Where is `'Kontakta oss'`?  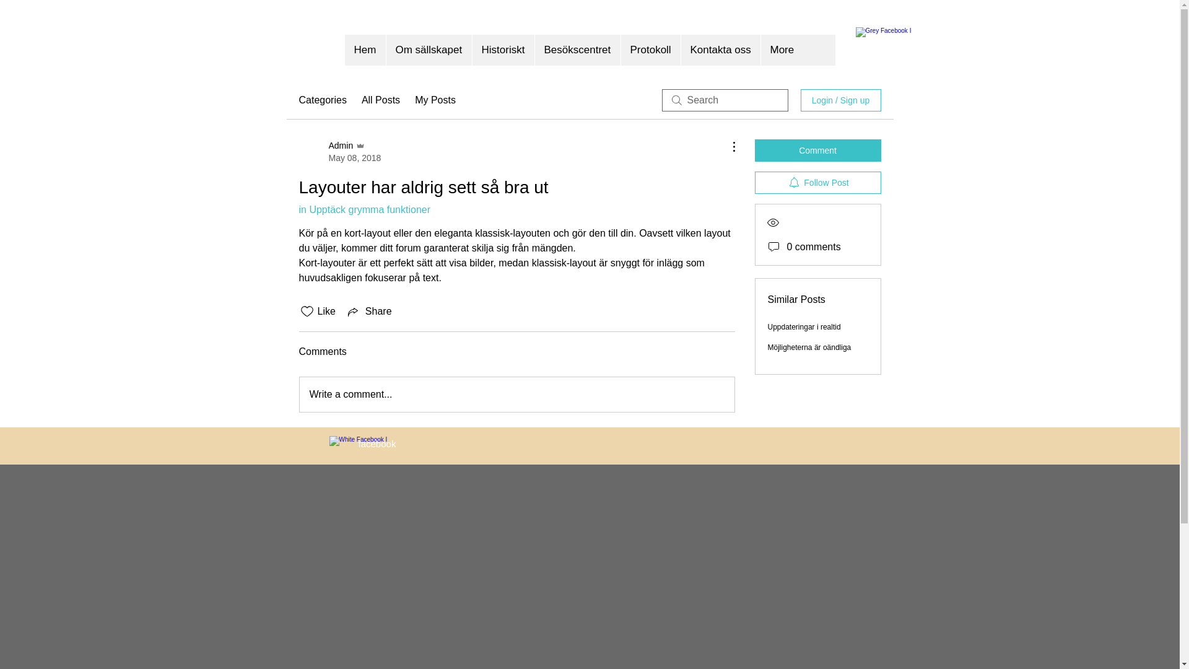 'Kontakta oss' is located at coordinates (679, 50).